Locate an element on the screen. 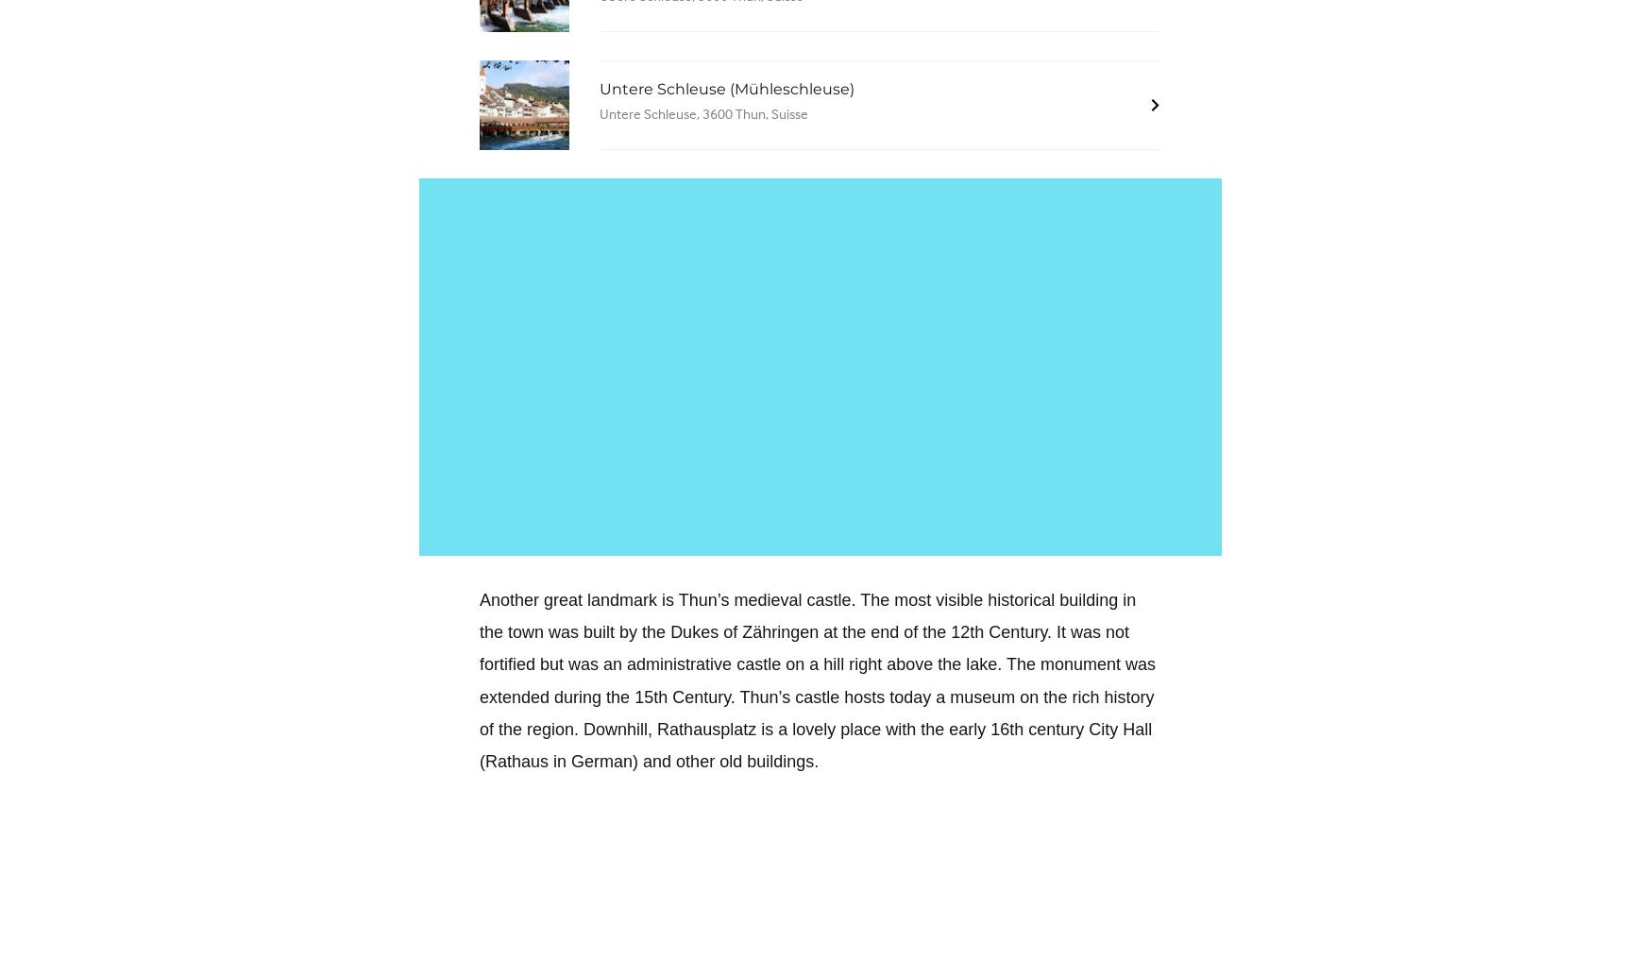 The image size is (1641, 974). 'Untere Schleuse (Mühleschleuse)' is located at coordinates (726, 89).